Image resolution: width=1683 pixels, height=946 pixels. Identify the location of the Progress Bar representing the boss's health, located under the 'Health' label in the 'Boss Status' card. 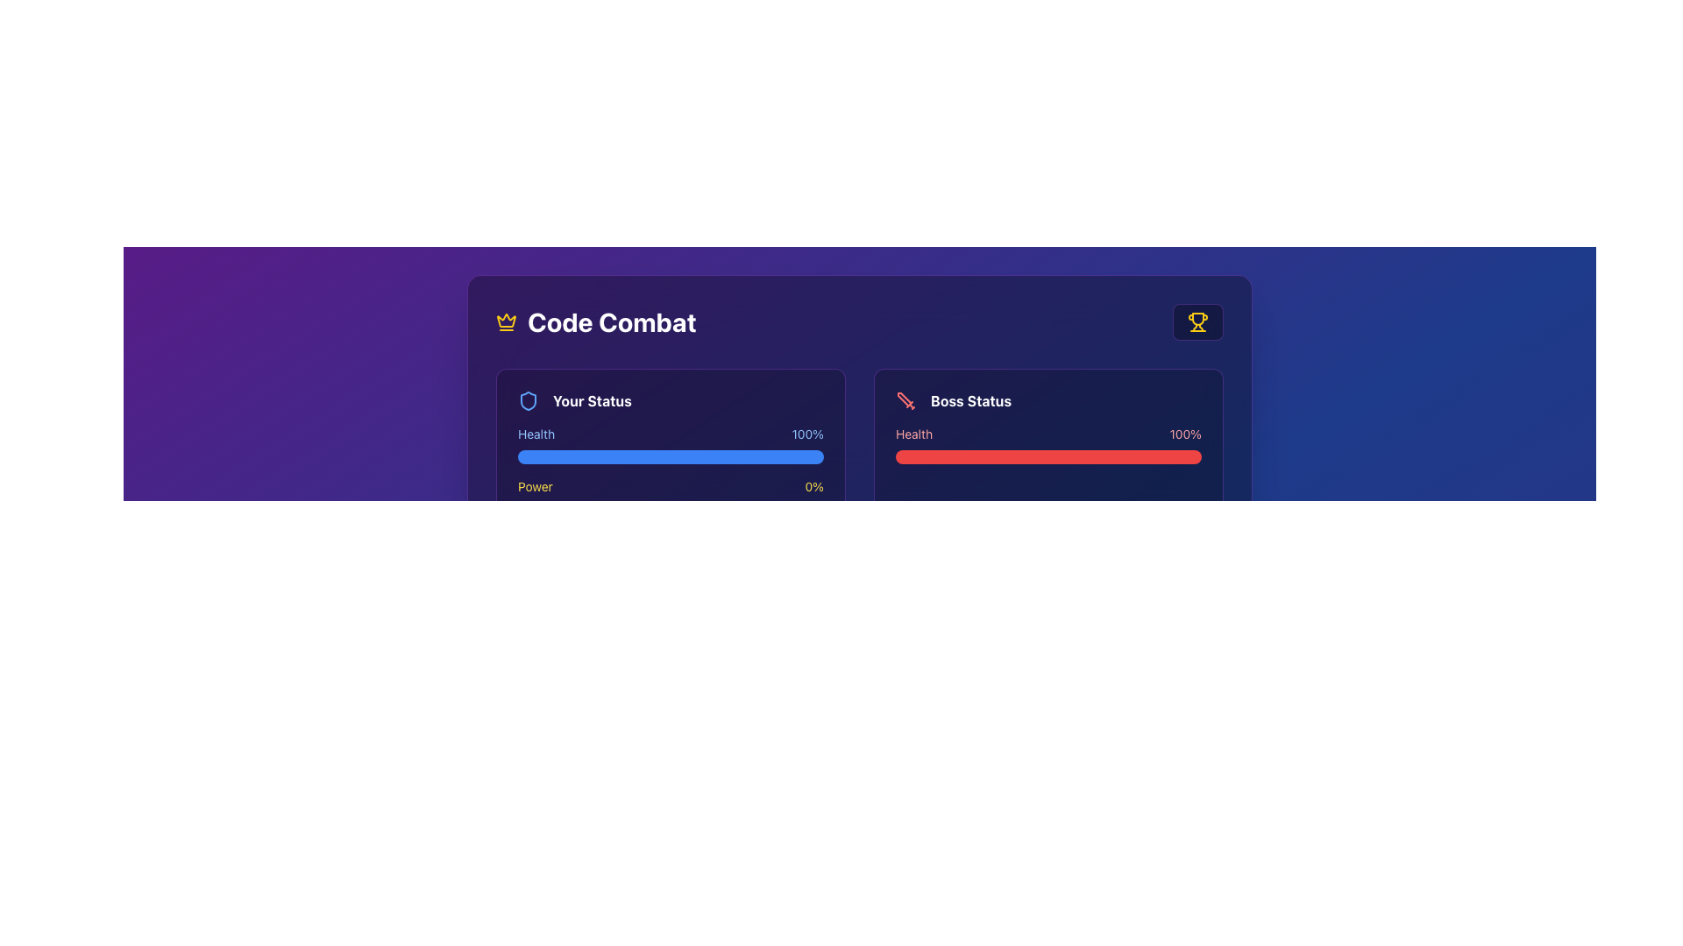
(1048, 455).